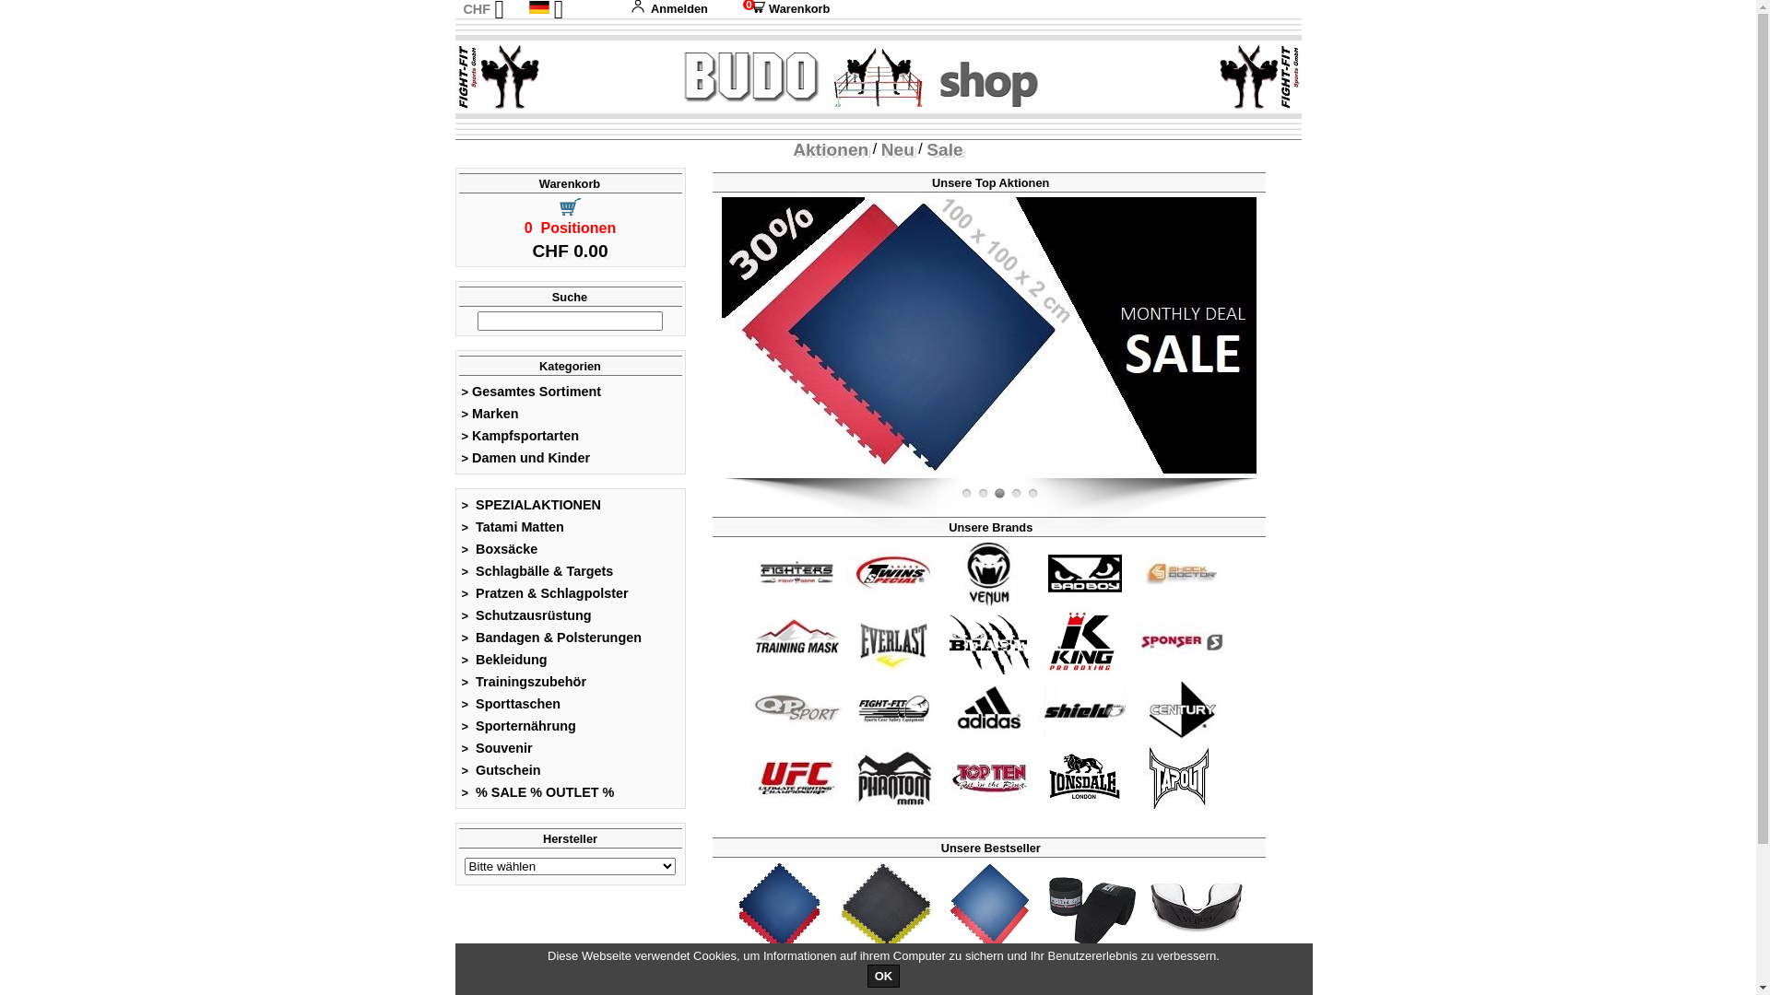 This screenshot has height=995, width=1770. Describe the element at coordinates (538, 6) in the screenshot. I see `'Deutsch'` at that location.